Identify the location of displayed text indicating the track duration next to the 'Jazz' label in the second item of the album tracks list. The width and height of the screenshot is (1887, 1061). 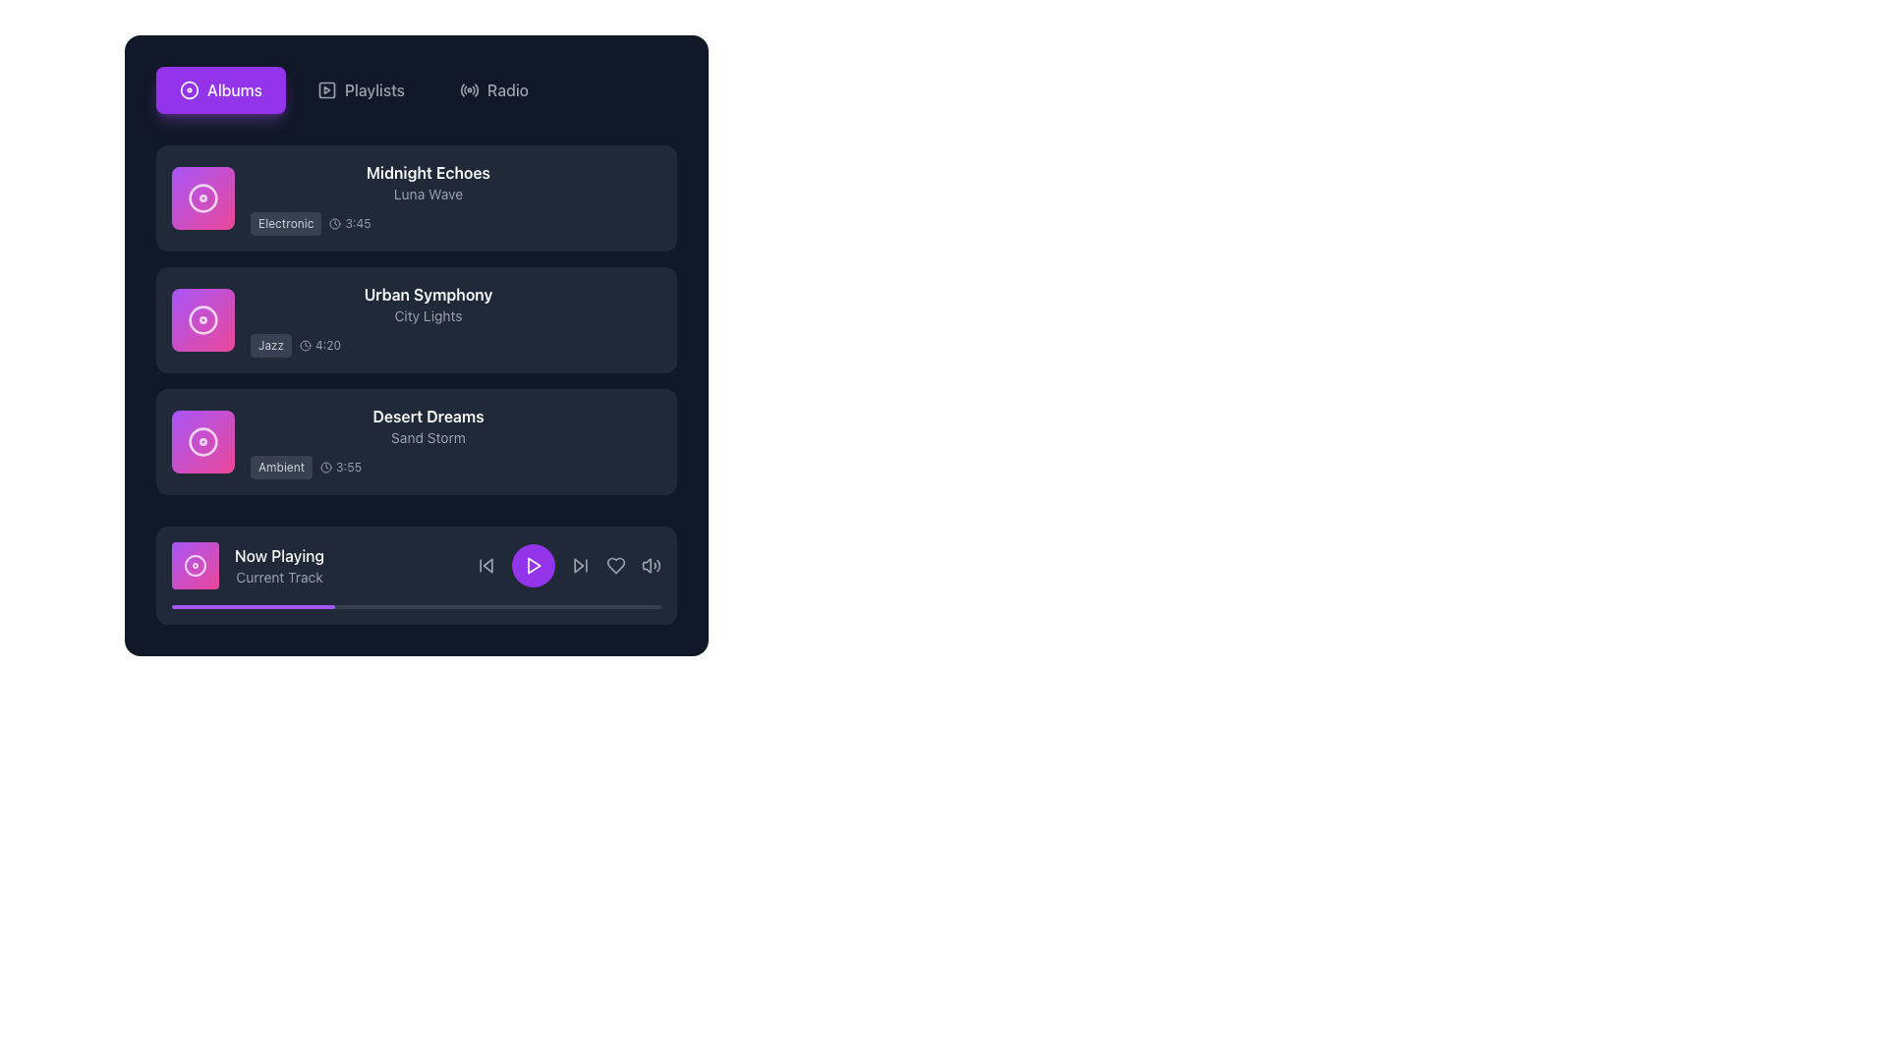
(320, 344).